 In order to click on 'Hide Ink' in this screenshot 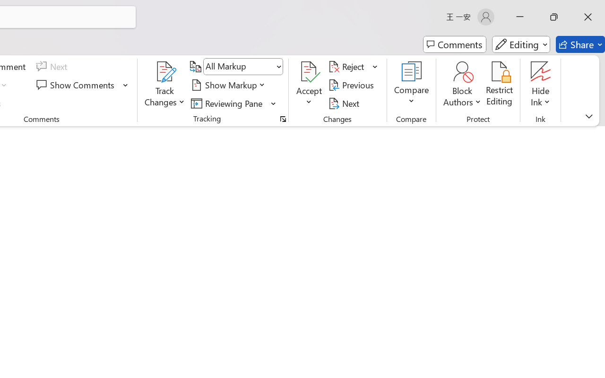, I will do `click(541, 85)`.